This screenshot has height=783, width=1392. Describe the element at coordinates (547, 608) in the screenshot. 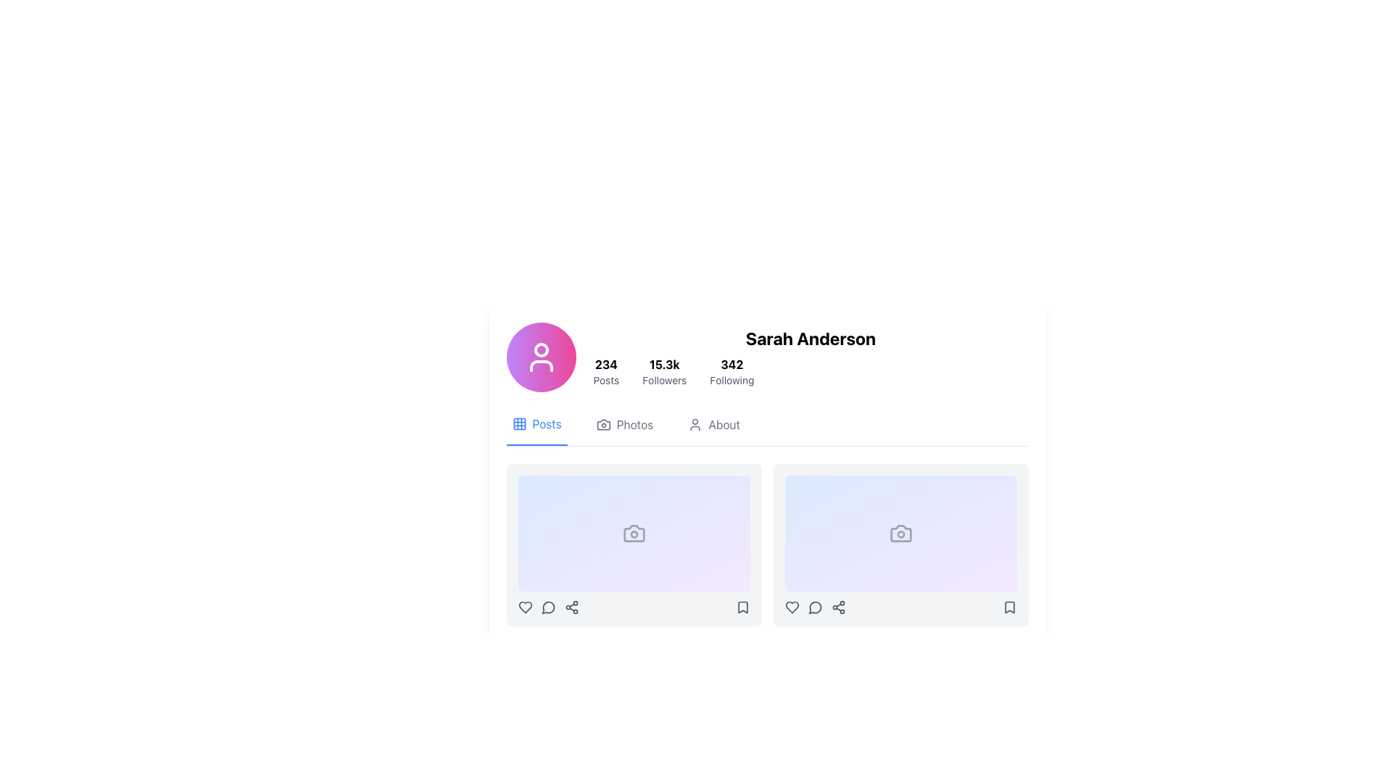

I see `the speech bubble icon that signifies the action of viewing or adding comments to a post, located below the leftmost post image, to the left of the share icon and to the right of the like icon` at that location.